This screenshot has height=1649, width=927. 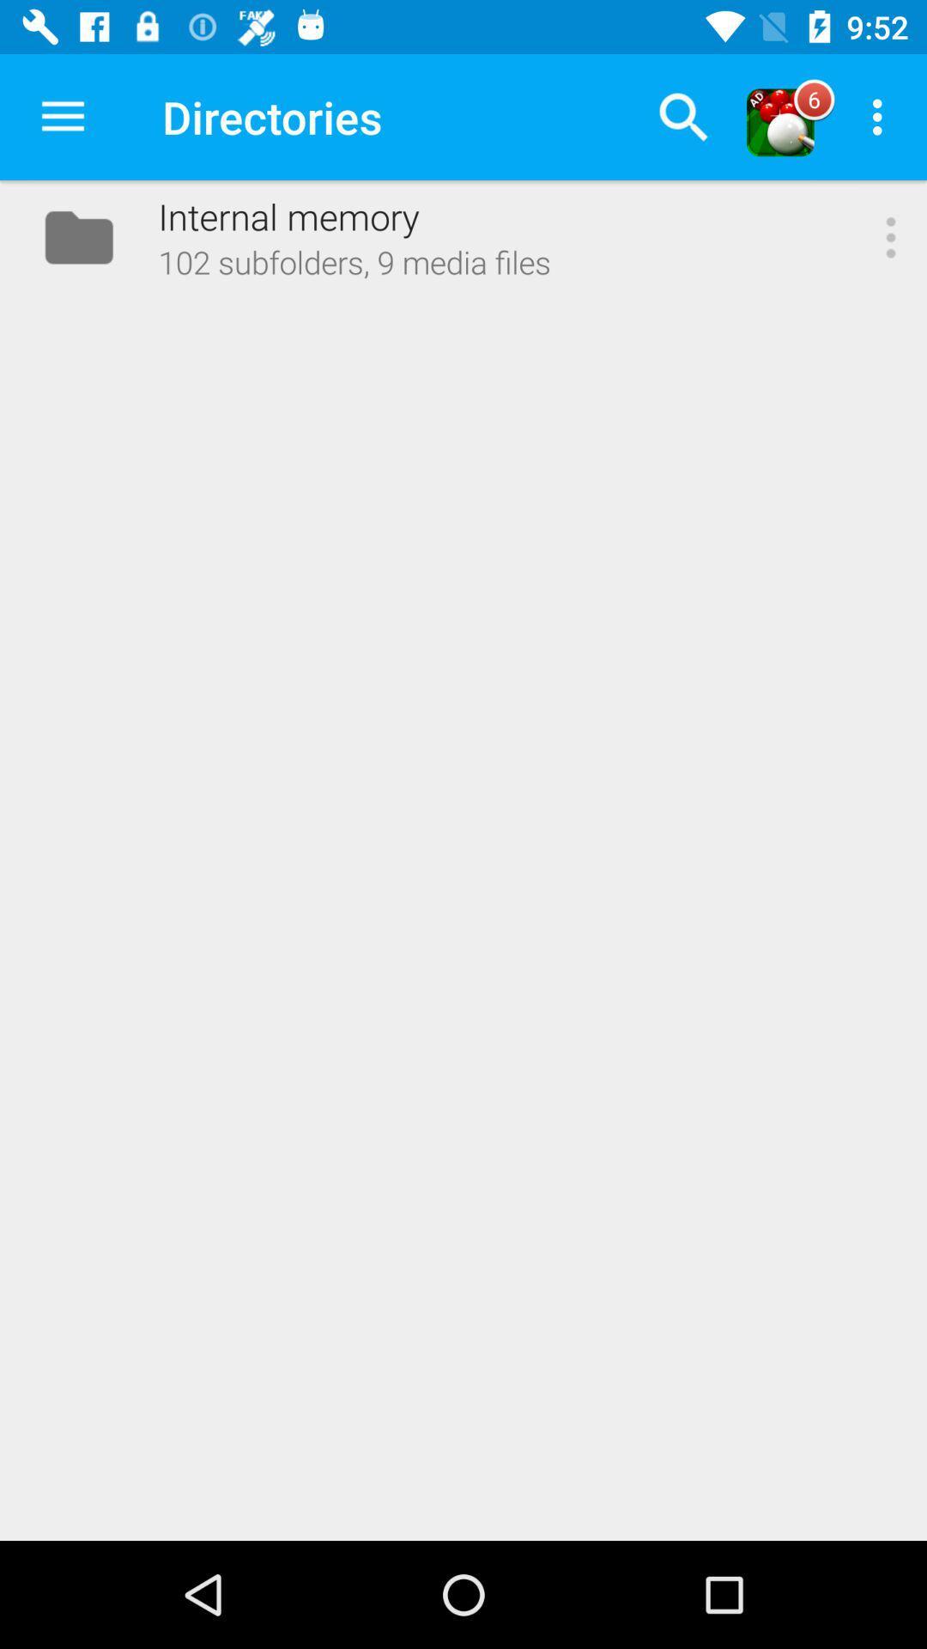 I want to click on the app next to directories app, so click(x=682, y=116).